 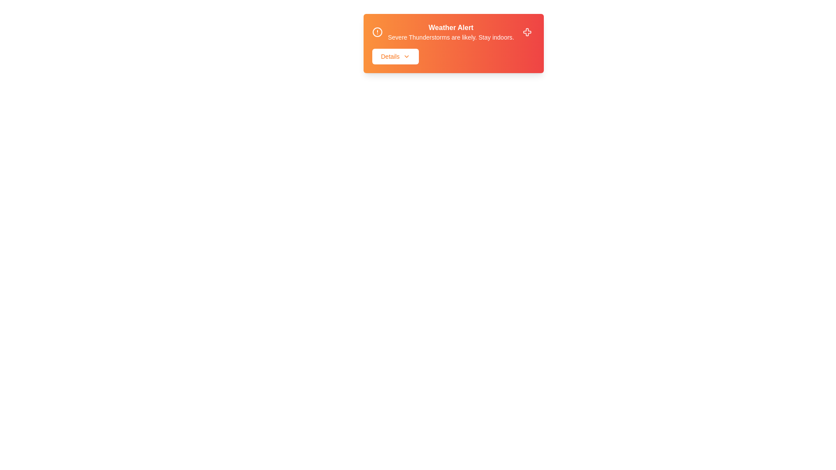 What do you see at coordinates (394, 57) in the screenshot?
I see `the 'Details' button to view more information` at bounding box center [394, 57].